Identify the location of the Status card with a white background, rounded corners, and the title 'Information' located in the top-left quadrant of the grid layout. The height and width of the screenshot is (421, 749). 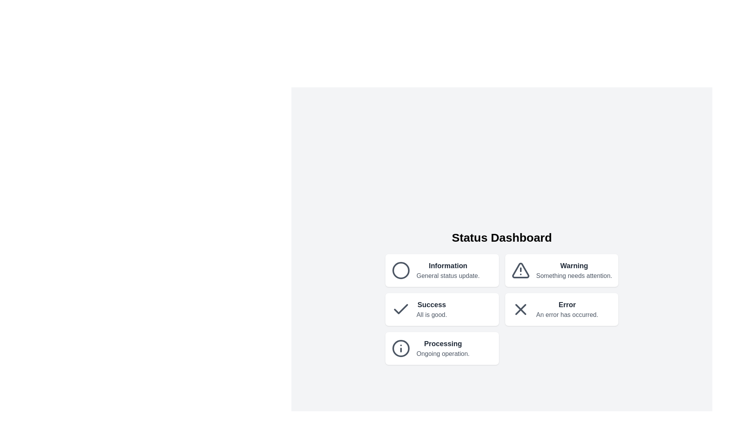
(442, 270).